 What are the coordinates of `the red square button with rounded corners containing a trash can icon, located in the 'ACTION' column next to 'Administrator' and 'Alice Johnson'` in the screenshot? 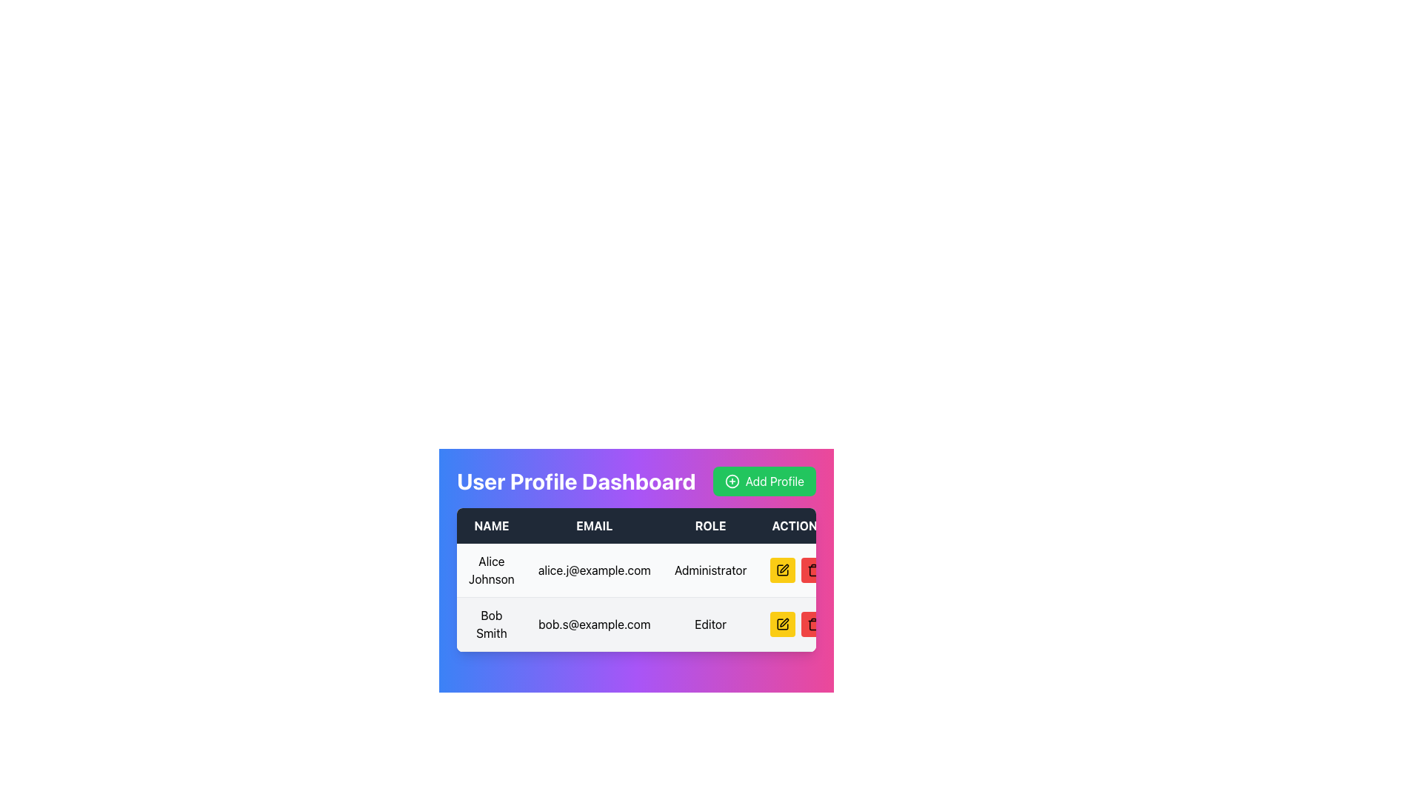 It's located at (798, 570).